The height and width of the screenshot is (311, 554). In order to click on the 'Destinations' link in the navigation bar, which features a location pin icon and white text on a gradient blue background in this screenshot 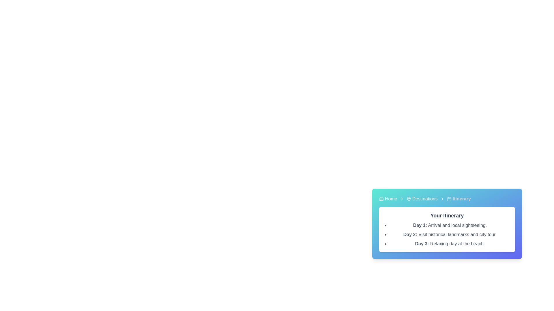, I will do `click(422, 198)`.